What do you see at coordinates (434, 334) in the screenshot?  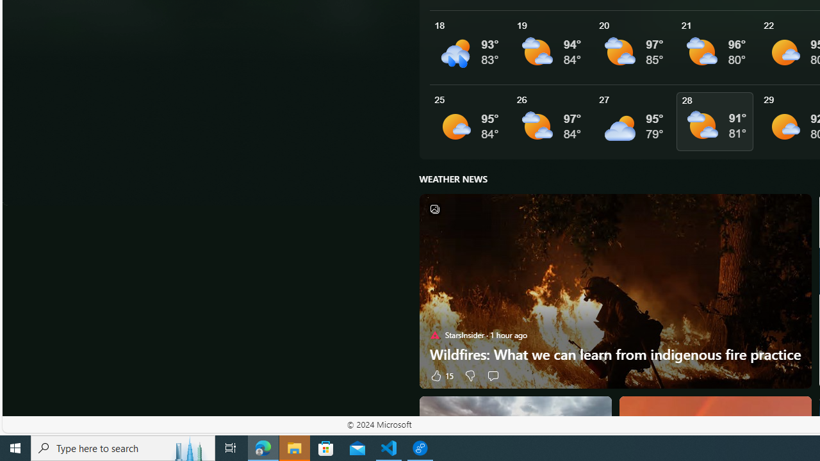 I see `'StarsInsider'` at bounding box center [434, 334].